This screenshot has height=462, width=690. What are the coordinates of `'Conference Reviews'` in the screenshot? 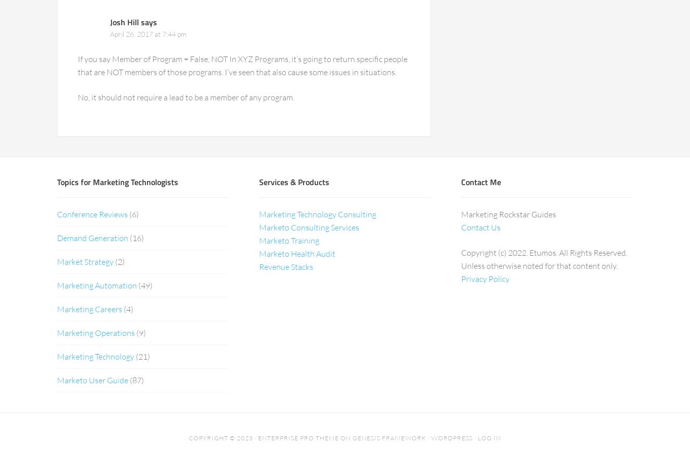 It's located at (57, 213).